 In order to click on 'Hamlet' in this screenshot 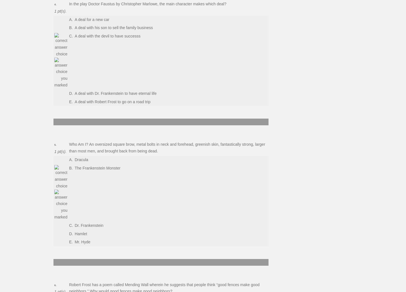, I will do `click(74, 233)`.